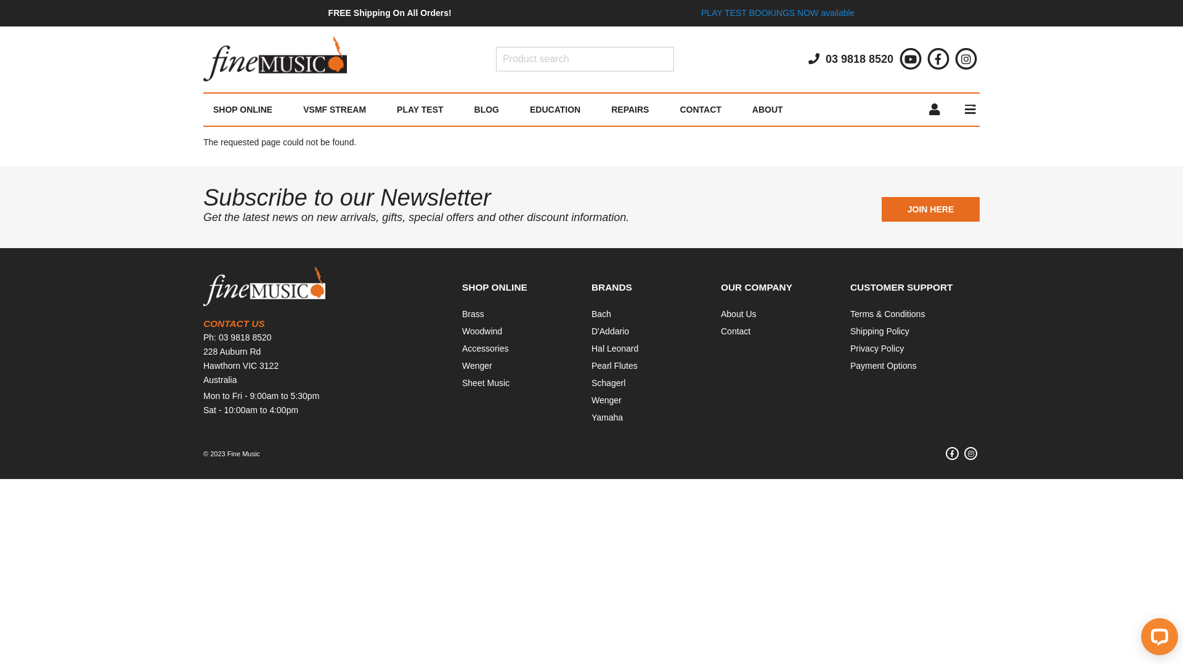 The image size is (1183, 665). Describe the element at coordinates (951, 108) in the screenshot. I see `'Menu'` at that location.